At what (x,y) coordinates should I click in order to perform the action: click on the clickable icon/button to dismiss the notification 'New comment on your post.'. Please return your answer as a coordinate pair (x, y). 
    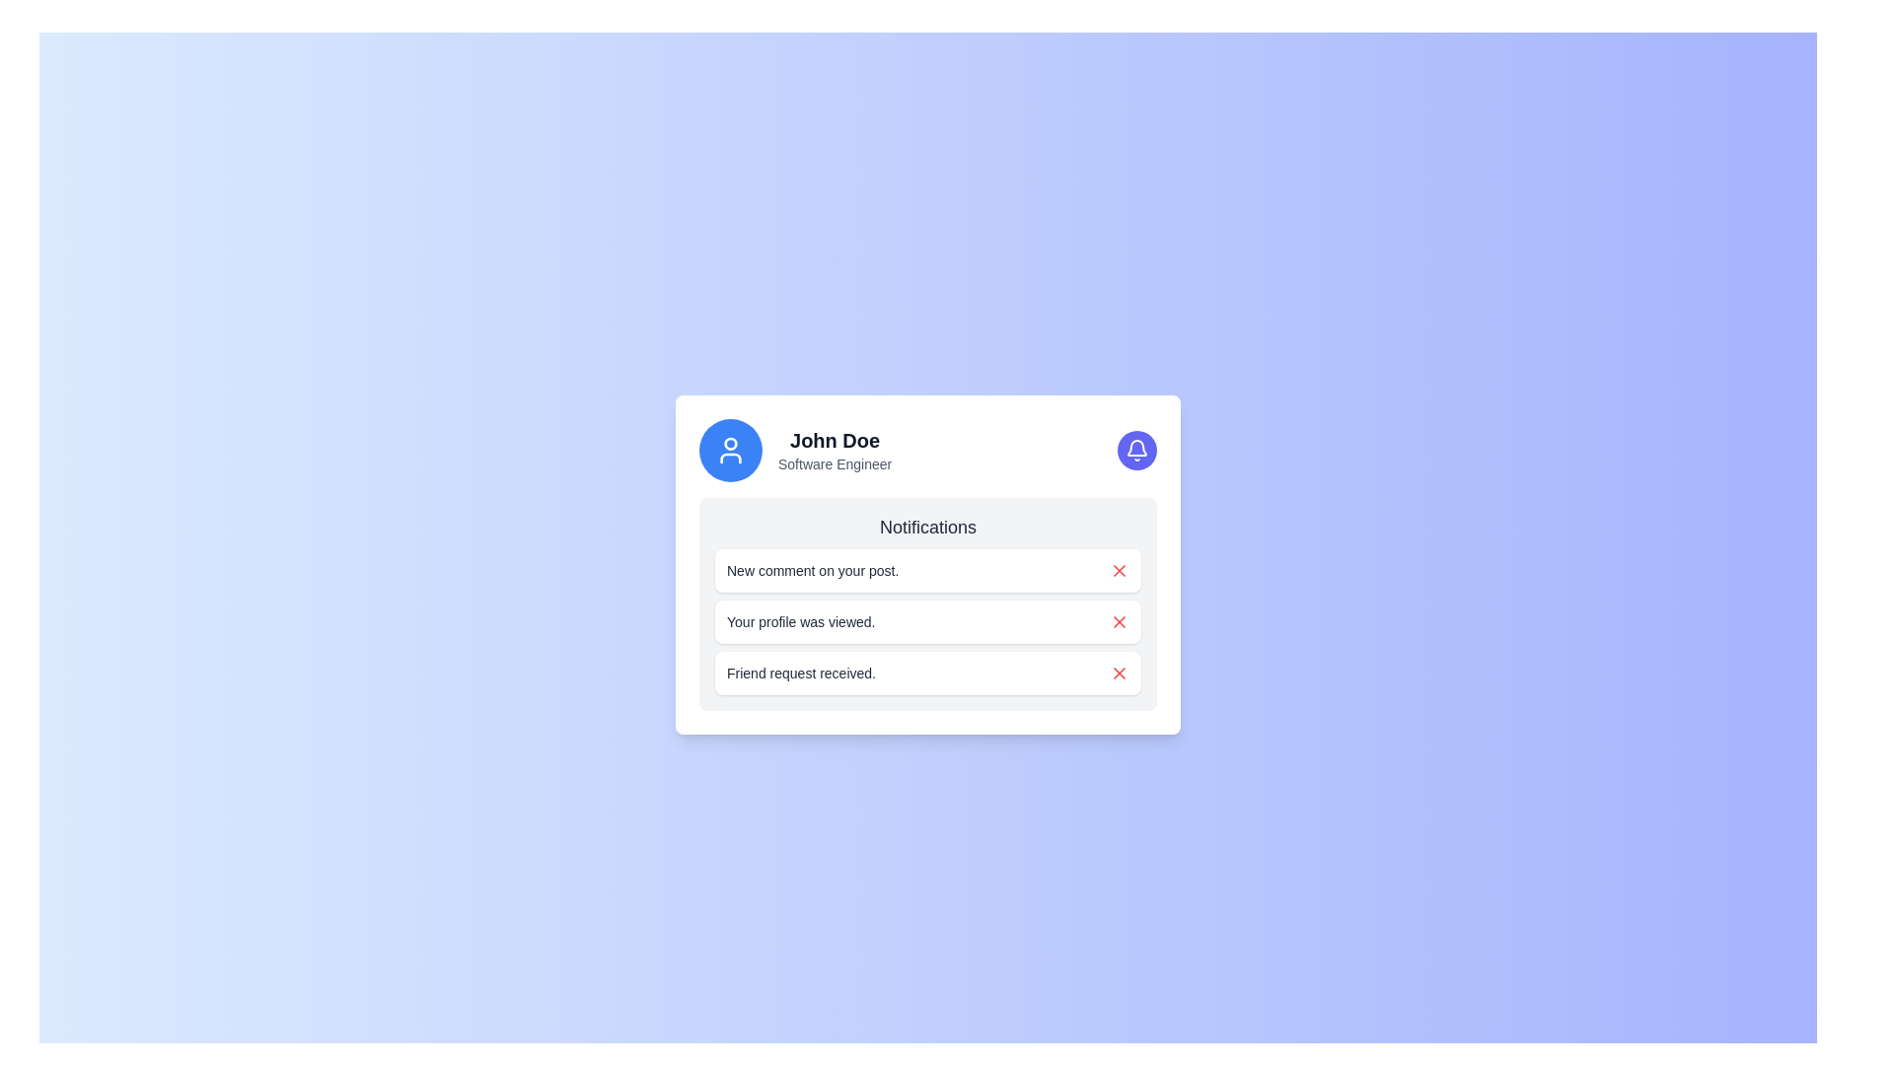
    Looking at the image, I should click on (1119, 570).